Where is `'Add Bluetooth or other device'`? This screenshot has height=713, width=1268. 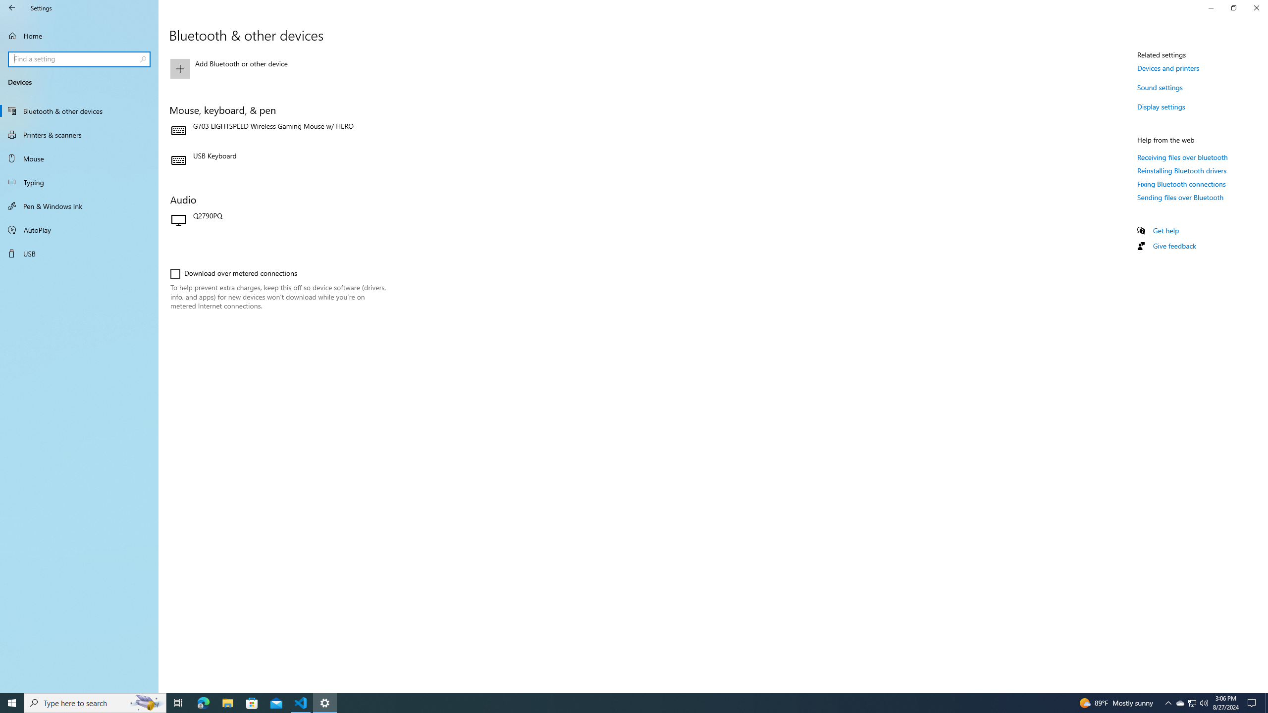
'Add Bluetooth or other device' is located at coordinates (277, 68).